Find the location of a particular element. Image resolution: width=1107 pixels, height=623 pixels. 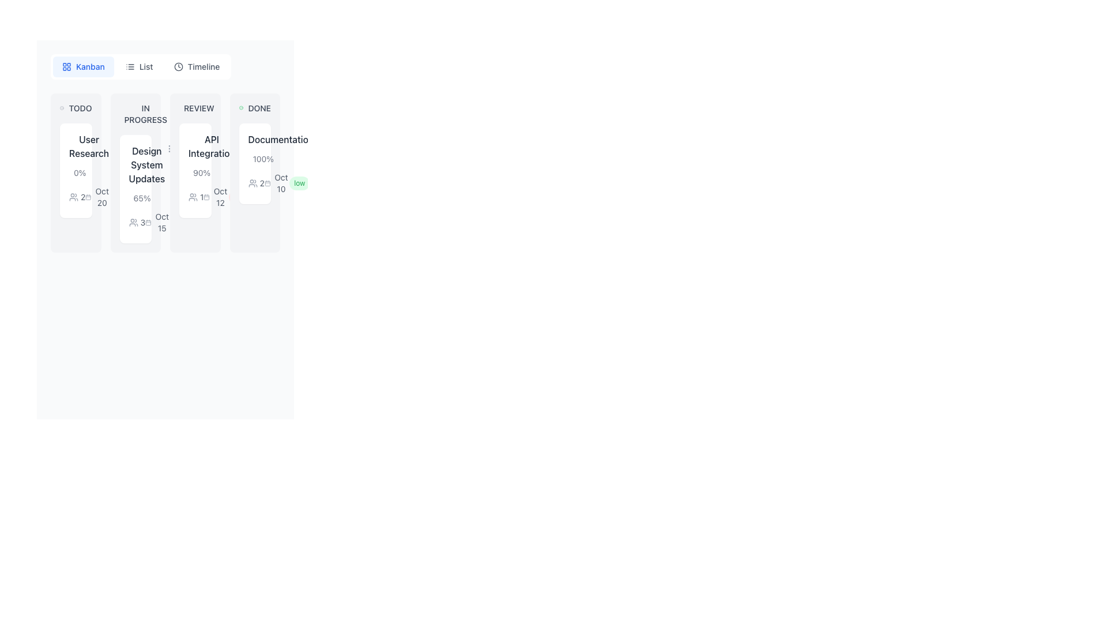

the text block displaying 'User Research' in the TODO column of the Kanban board is located at coordinates (75, 146).